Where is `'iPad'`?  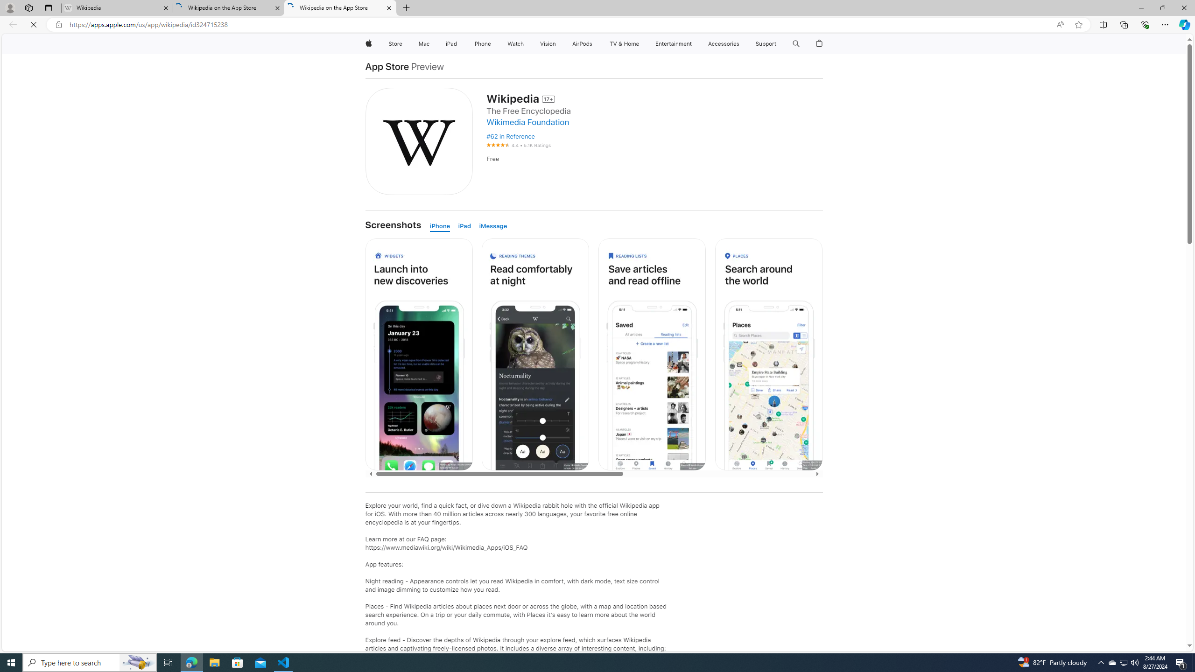 'iPad' is located at coordinates (466, 226).